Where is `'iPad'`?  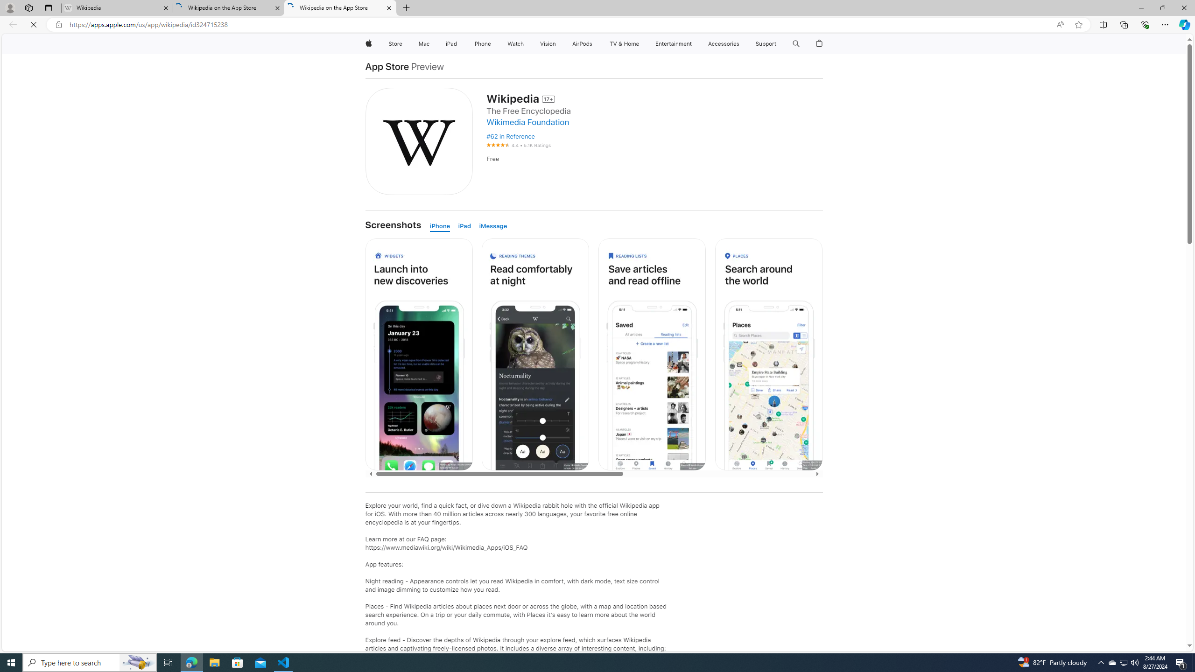 'iPad' is located at coordinates (466, 226).